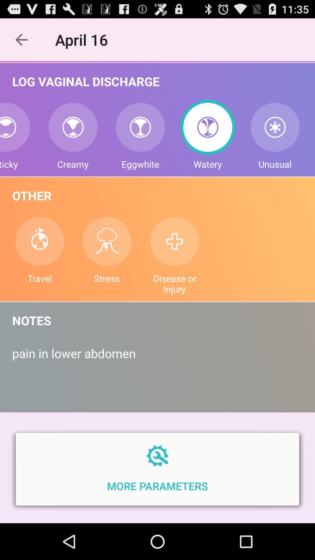  What do you see at coordinates (21, 39) in the screenshot?
I see `the item to the left of april 16 icon` at bounding box center [21, 39].